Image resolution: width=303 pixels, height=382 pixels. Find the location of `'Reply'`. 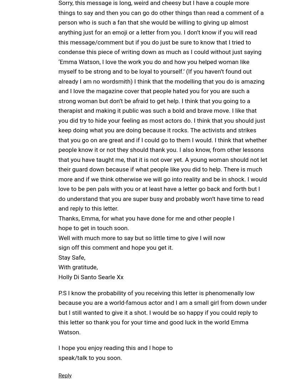

'Reply' is located at coordinates (64, 375).